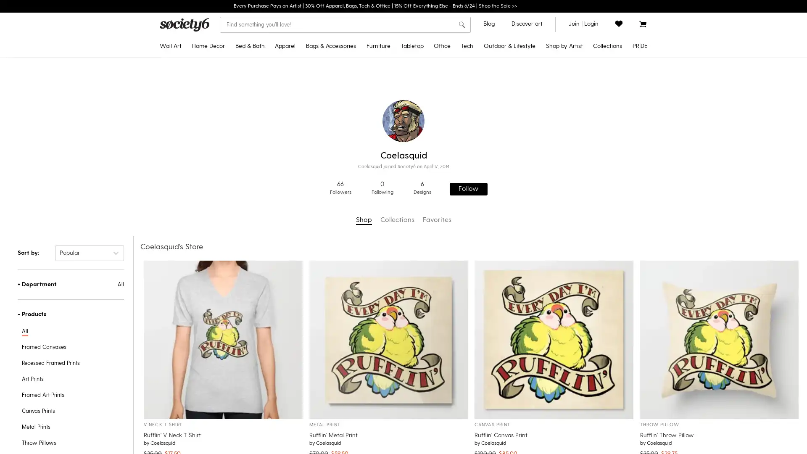 The height and width of the screenshot is (454, 807). Describe the element at coordinates (249, 46) in the screenshot. I see `Bed & Bath` at that location.